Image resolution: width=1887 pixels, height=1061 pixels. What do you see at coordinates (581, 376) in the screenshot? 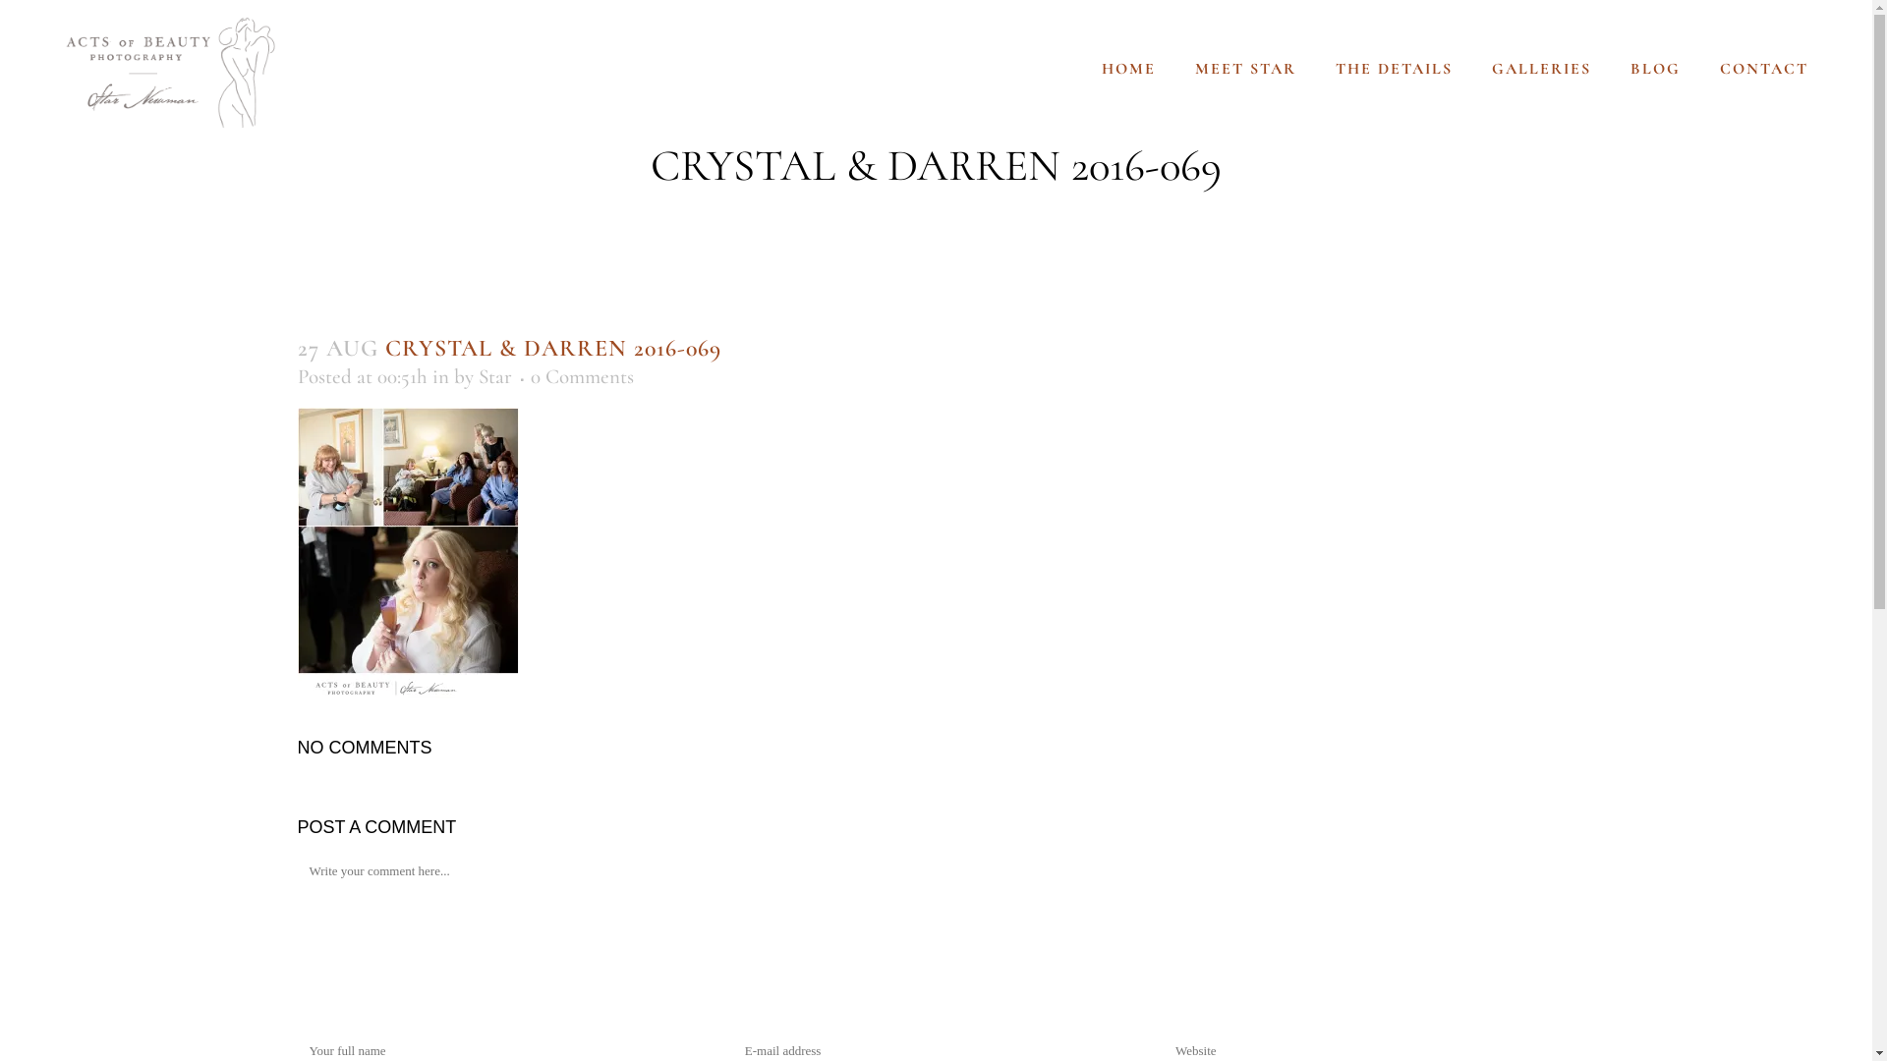
I see `'0 Comments'` at bounding box center [581, 376].